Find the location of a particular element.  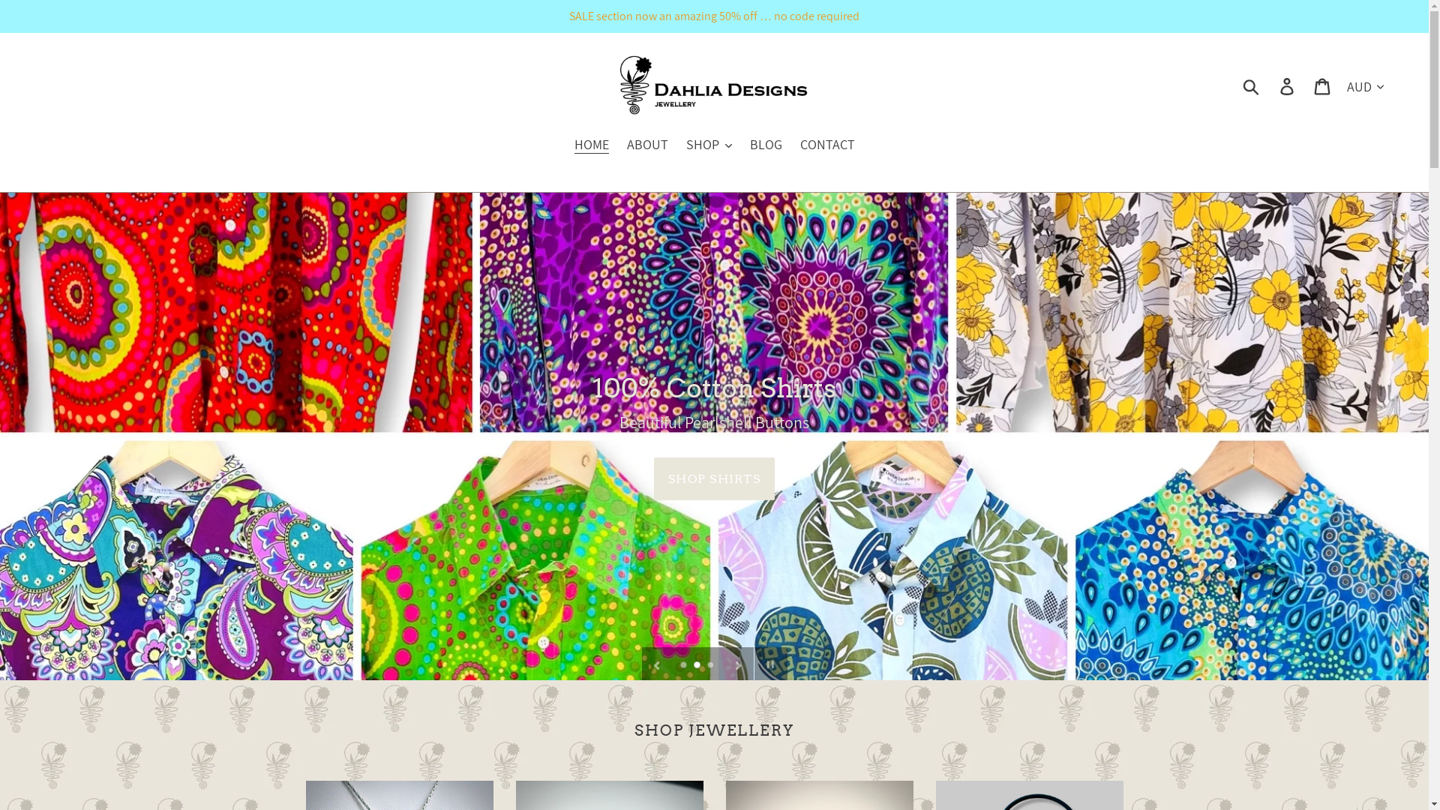

'BLOG' is located at coordinates (742, 145).